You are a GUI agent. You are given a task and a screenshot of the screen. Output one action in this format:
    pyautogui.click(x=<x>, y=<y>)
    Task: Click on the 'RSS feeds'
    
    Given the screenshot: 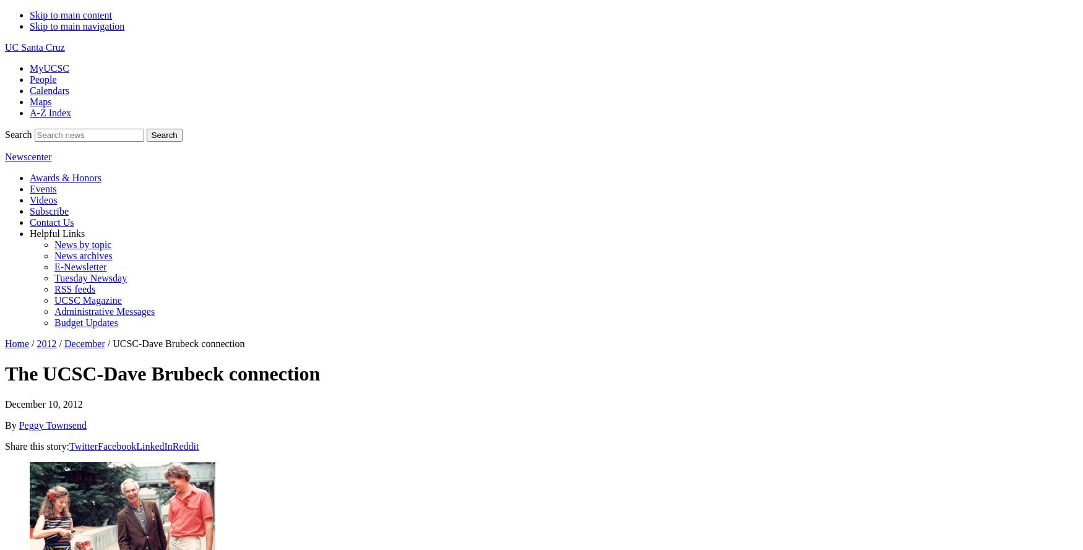 What is the action you would take?
    pyautogui.click(x=74, y=288)
    